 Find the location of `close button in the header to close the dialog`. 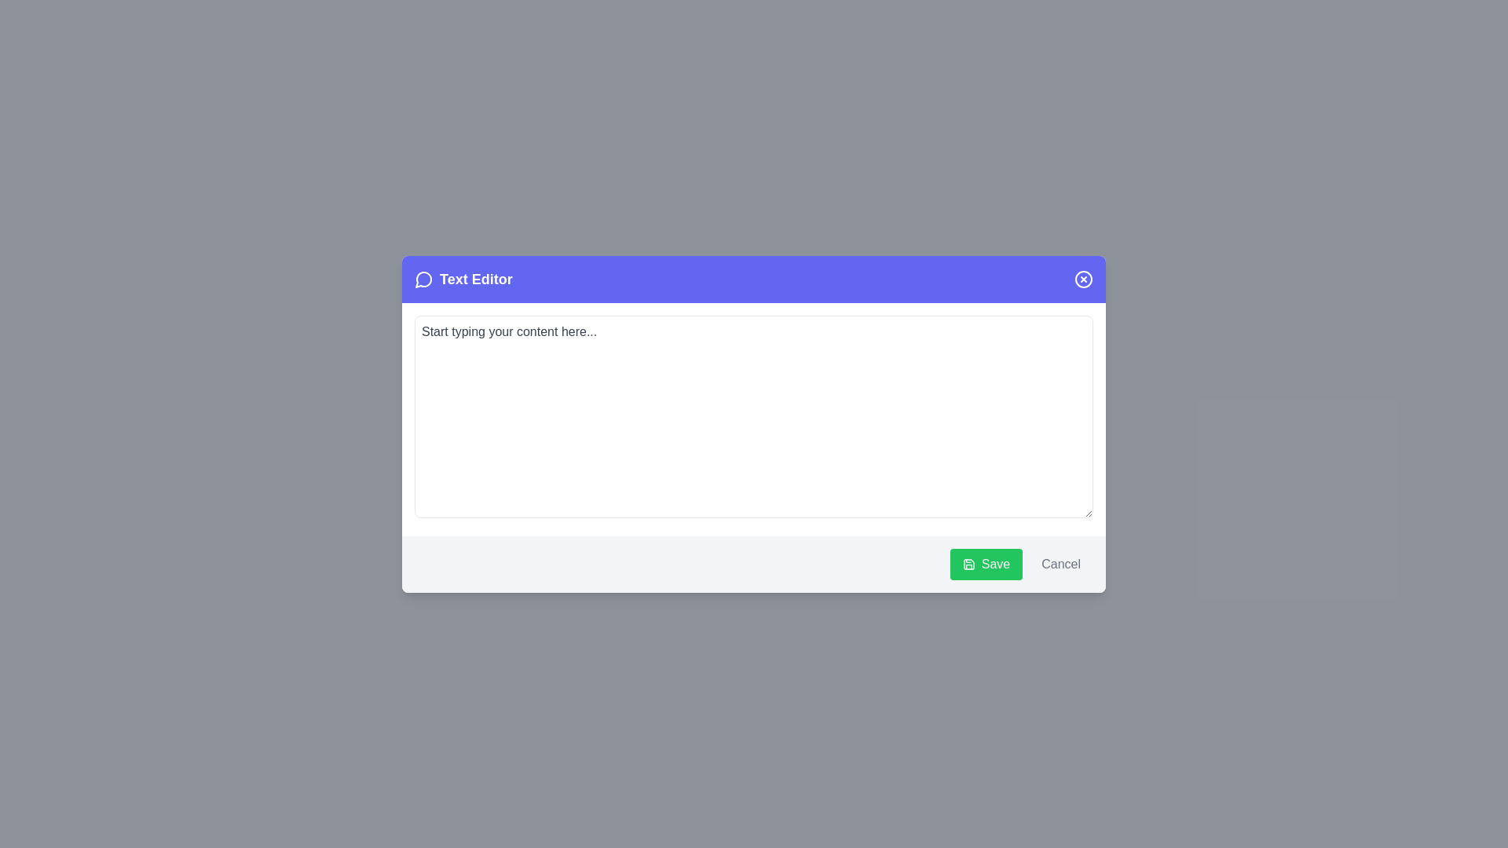

close button in the header to close the dialog is located at coordinates (1083, 278).